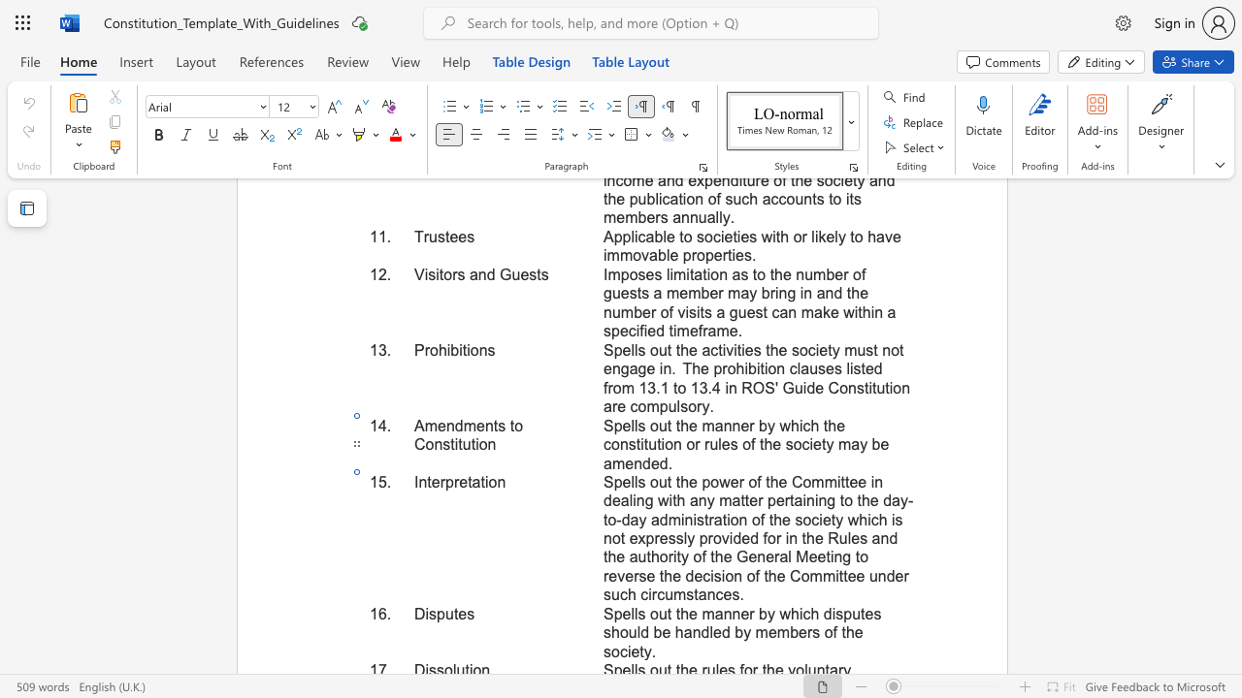 The height and width of the screenshot is (698, 1242). Describe the element at coordinates (415, 481) in the screenshot. I see `the 1th character "I" in the text` at that location.